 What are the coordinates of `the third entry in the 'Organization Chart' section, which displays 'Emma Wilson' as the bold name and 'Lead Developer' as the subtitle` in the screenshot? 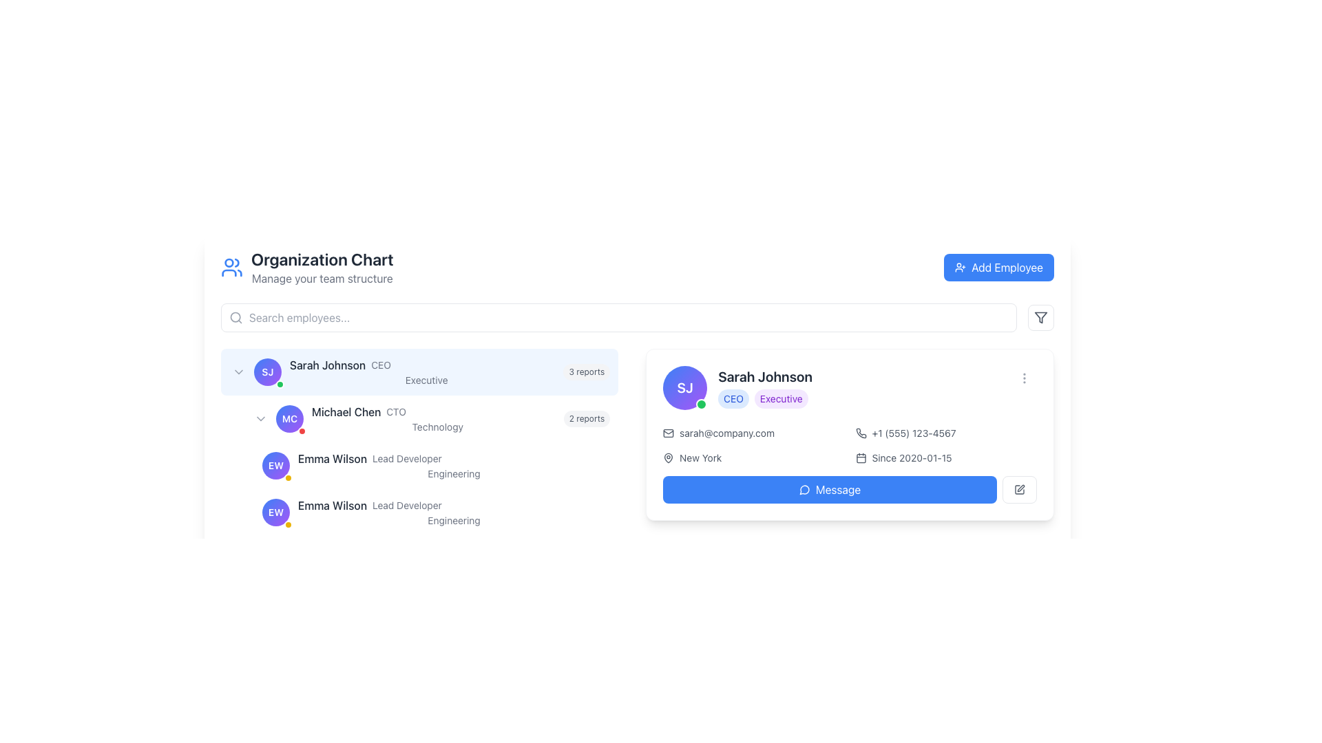 It's located at (454, 459).